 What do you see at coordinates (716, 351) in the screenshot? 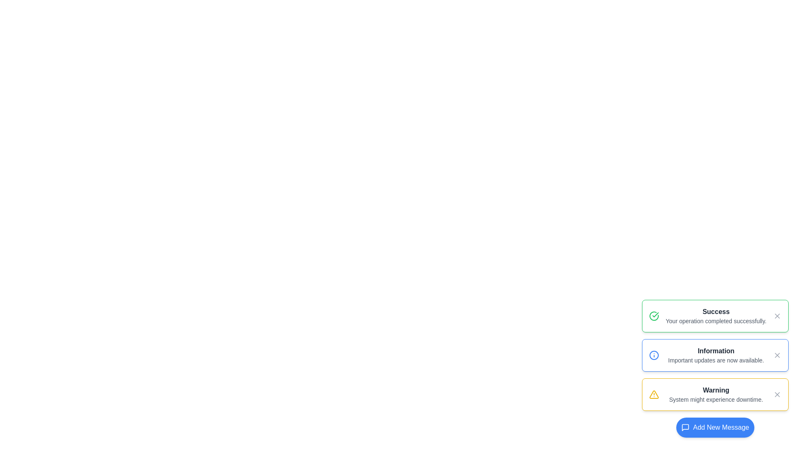
I see `title text of the second notification box, which provides context for the message about important updates` at bounding box center [716, 351].